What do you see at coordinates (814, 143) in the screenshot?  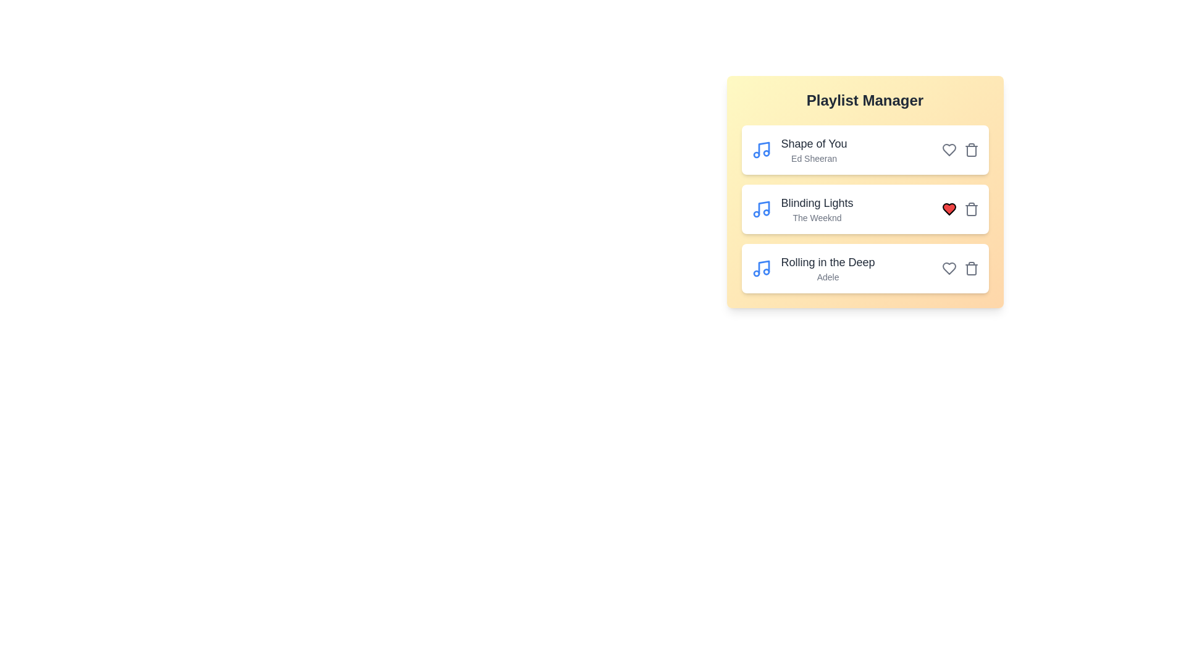 I see `the title of the song 'Shape of You' to view its details` at bounding box center [814, 143].